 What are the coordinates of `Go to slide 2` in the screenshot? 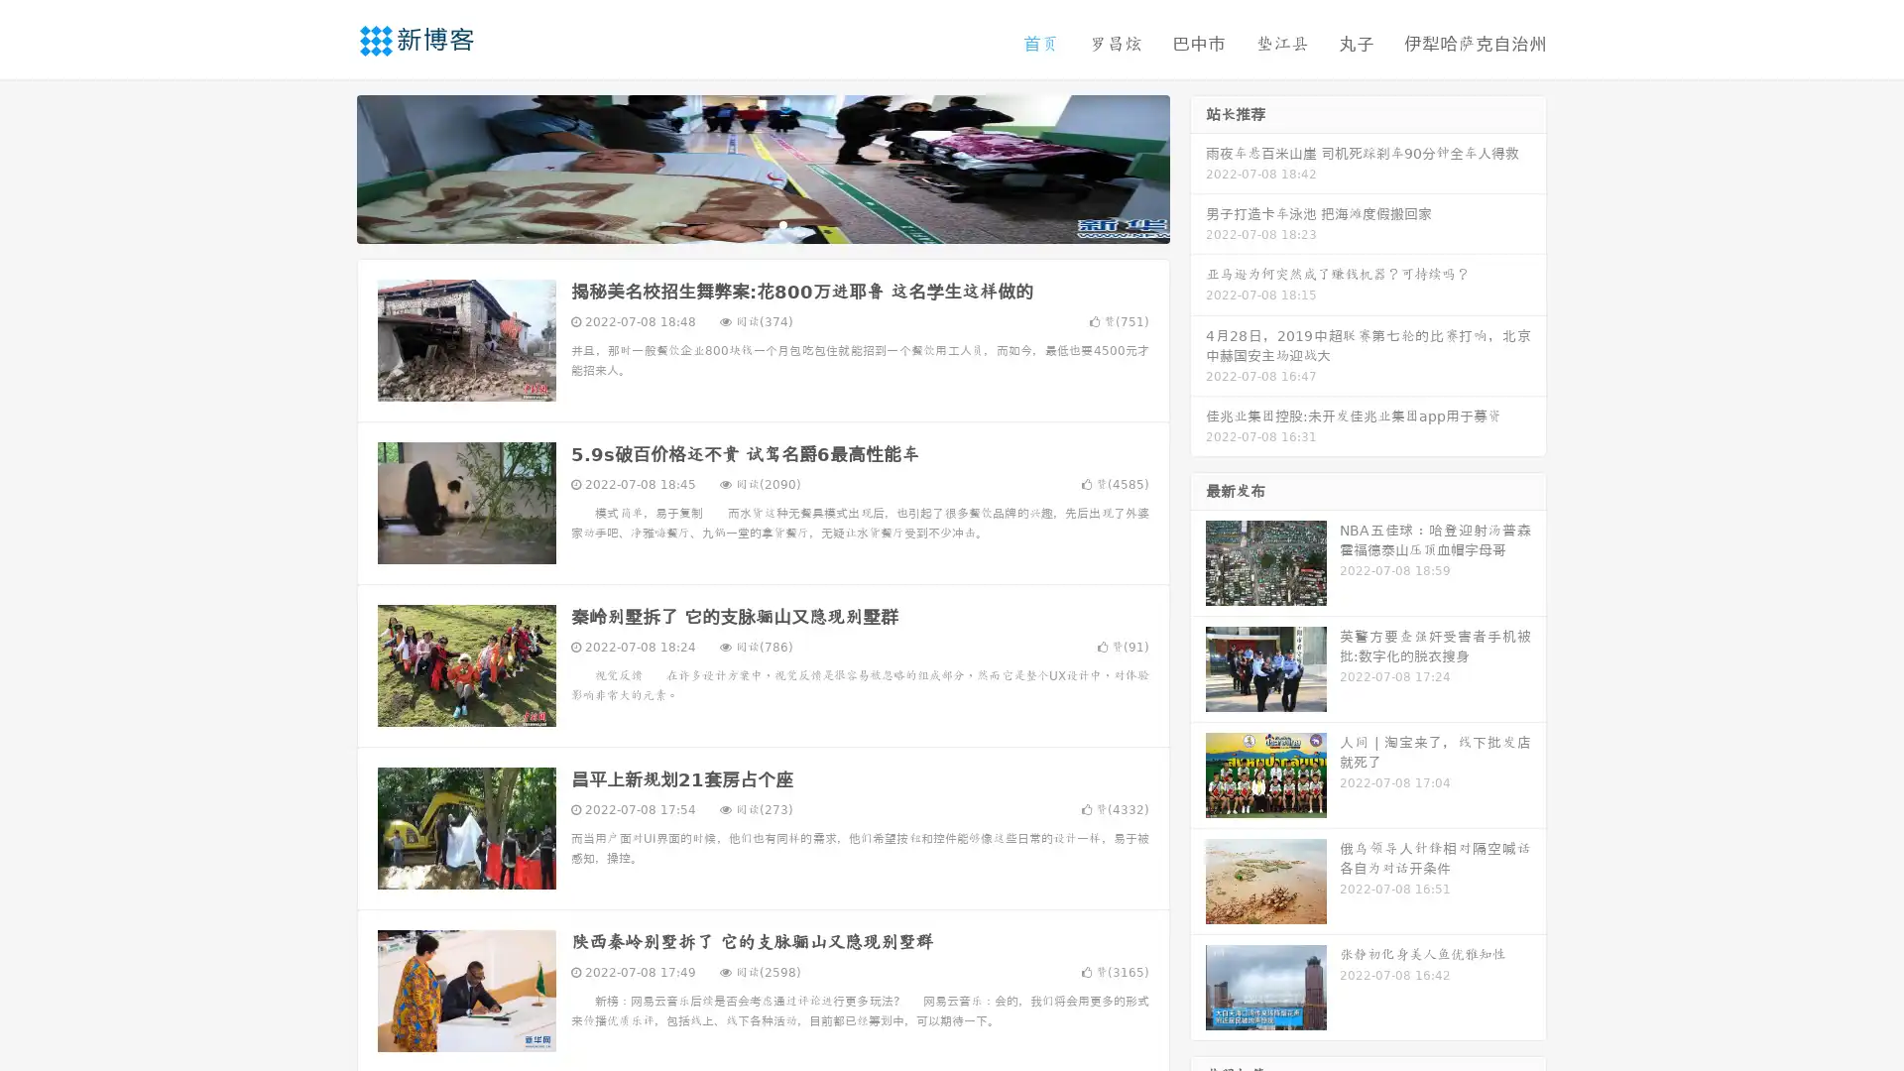 It's located at (762, 223).